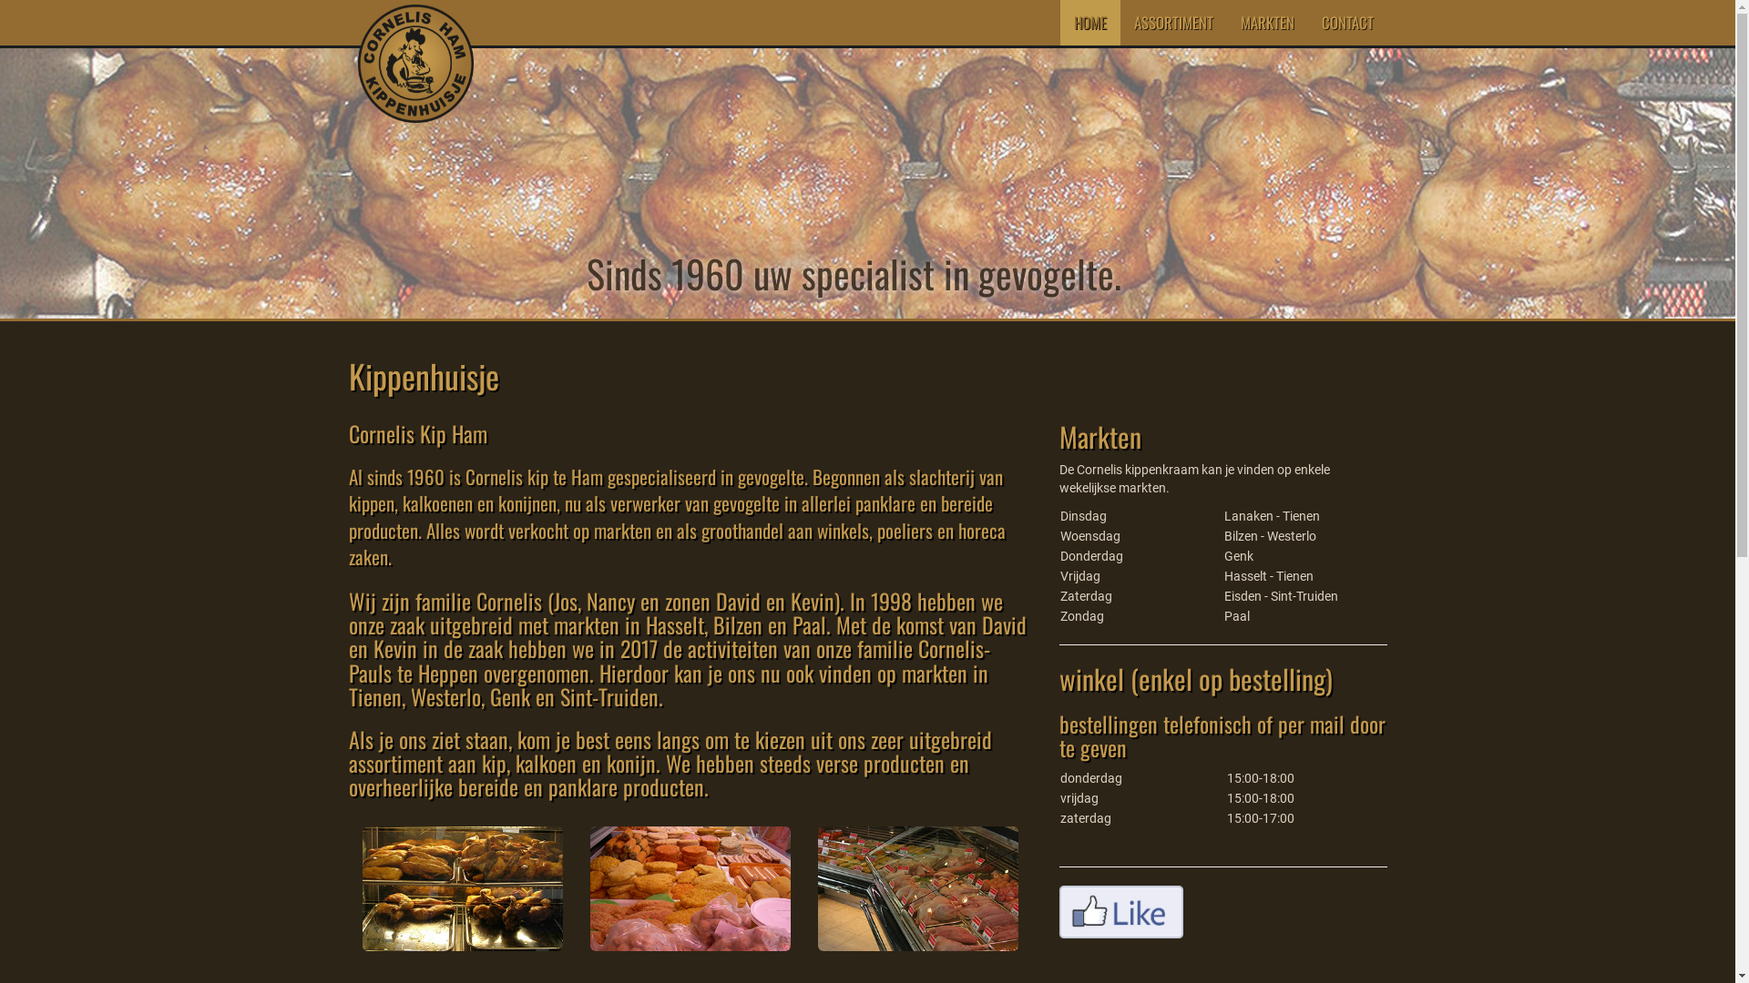 The width and height of the screenshot is (1749, 983). I want to click on 'Cornelis Kip - vlees', so click(918, 887).